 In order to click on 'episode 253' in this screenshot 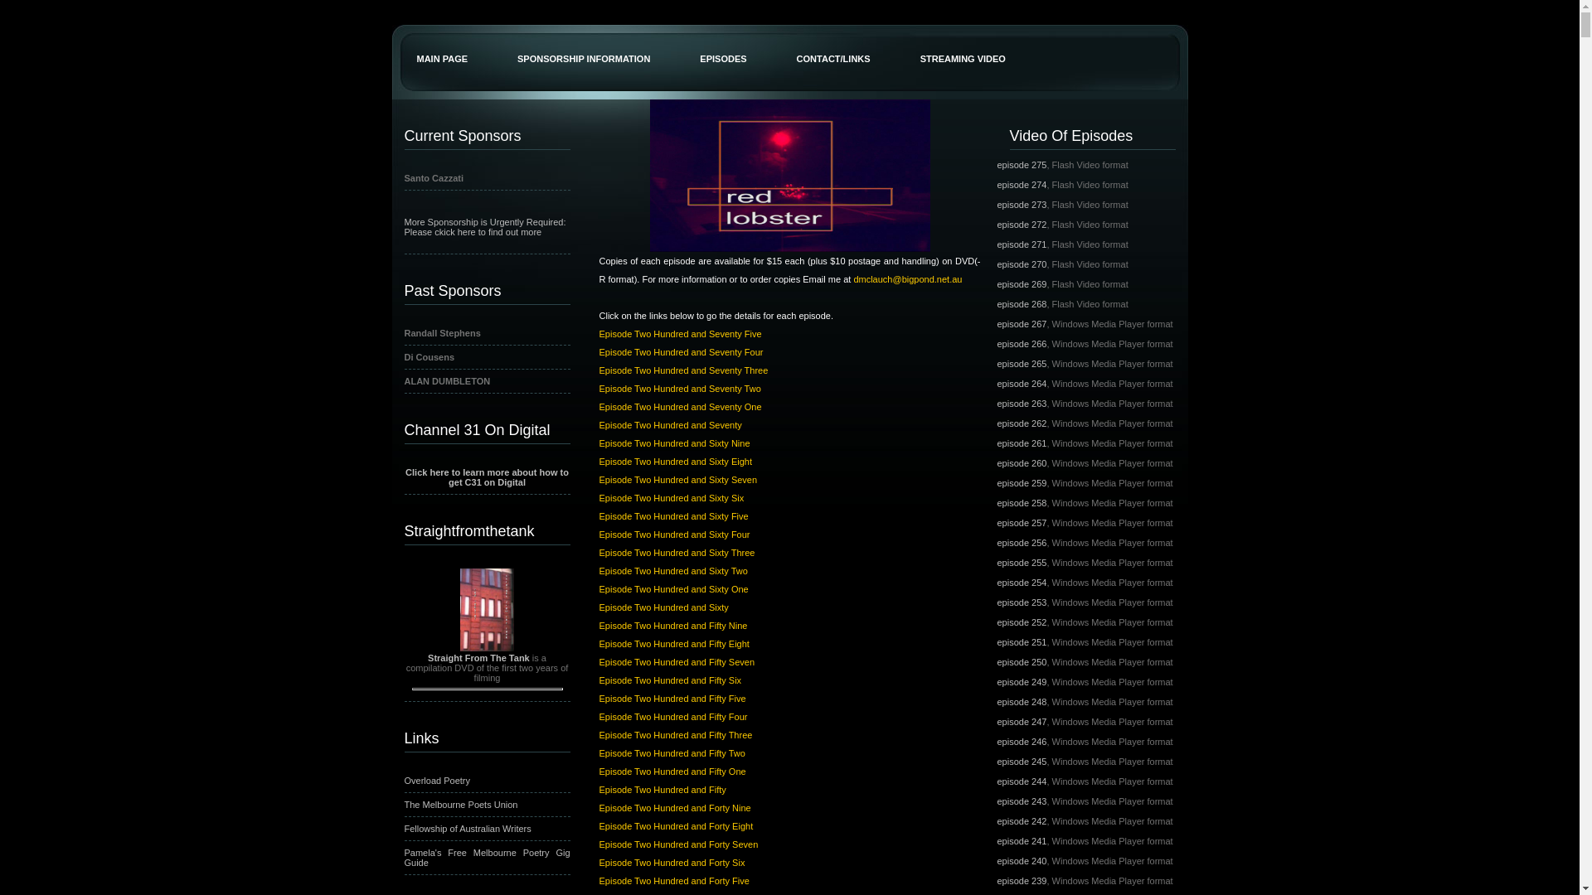, I will do `click(1021, 602)`.